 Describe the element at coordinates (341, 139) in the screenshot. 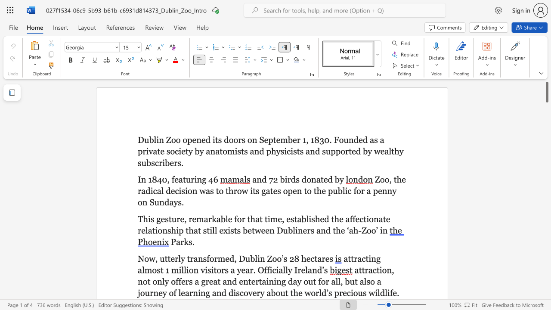

I see `the 7th character "o" in the text` at that location.